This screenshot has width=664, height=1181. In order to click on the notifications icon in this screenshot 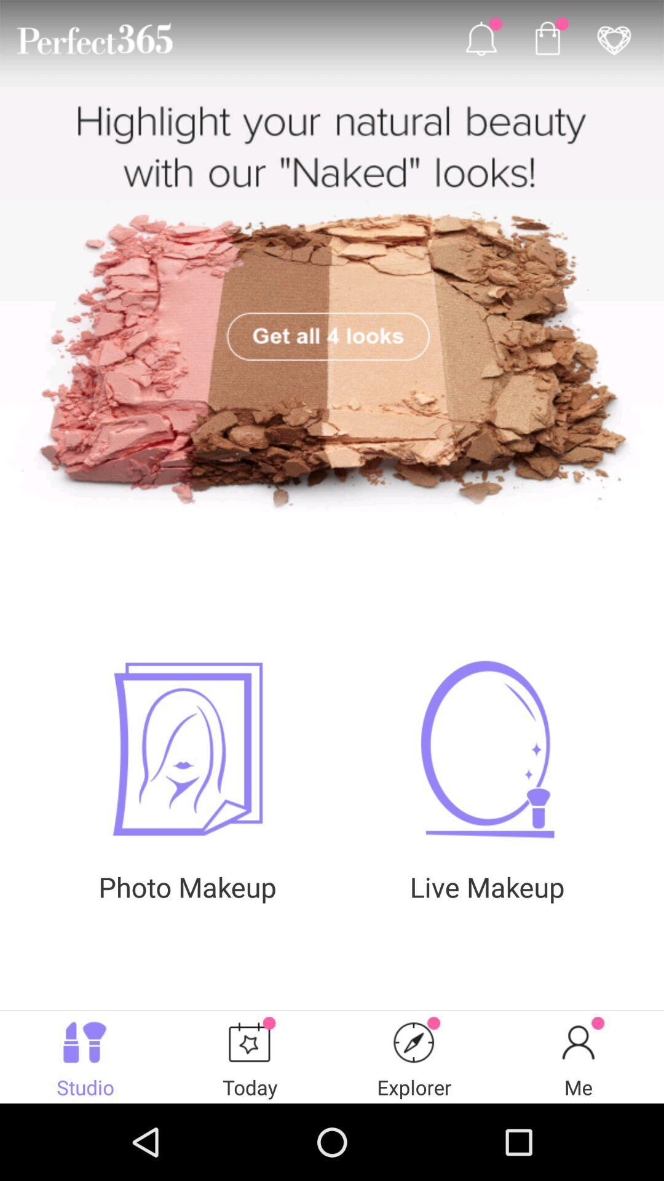, I will do `click(480, 41)`.